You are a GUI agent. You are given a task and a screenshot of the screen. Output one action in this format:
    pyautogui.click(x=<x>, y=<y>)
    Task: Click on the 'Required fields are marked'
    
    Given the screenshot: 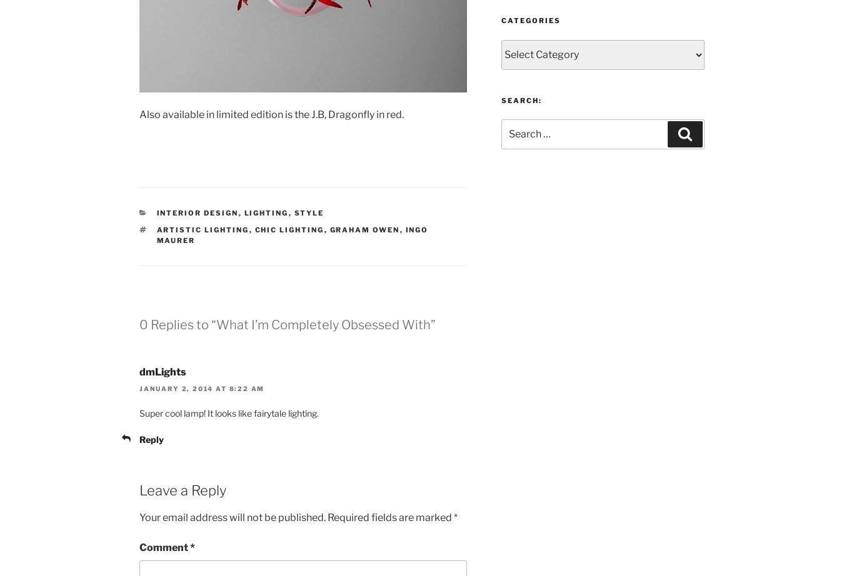 What is the action you would take?
    pyautogui.click(x=326, y=516)
    